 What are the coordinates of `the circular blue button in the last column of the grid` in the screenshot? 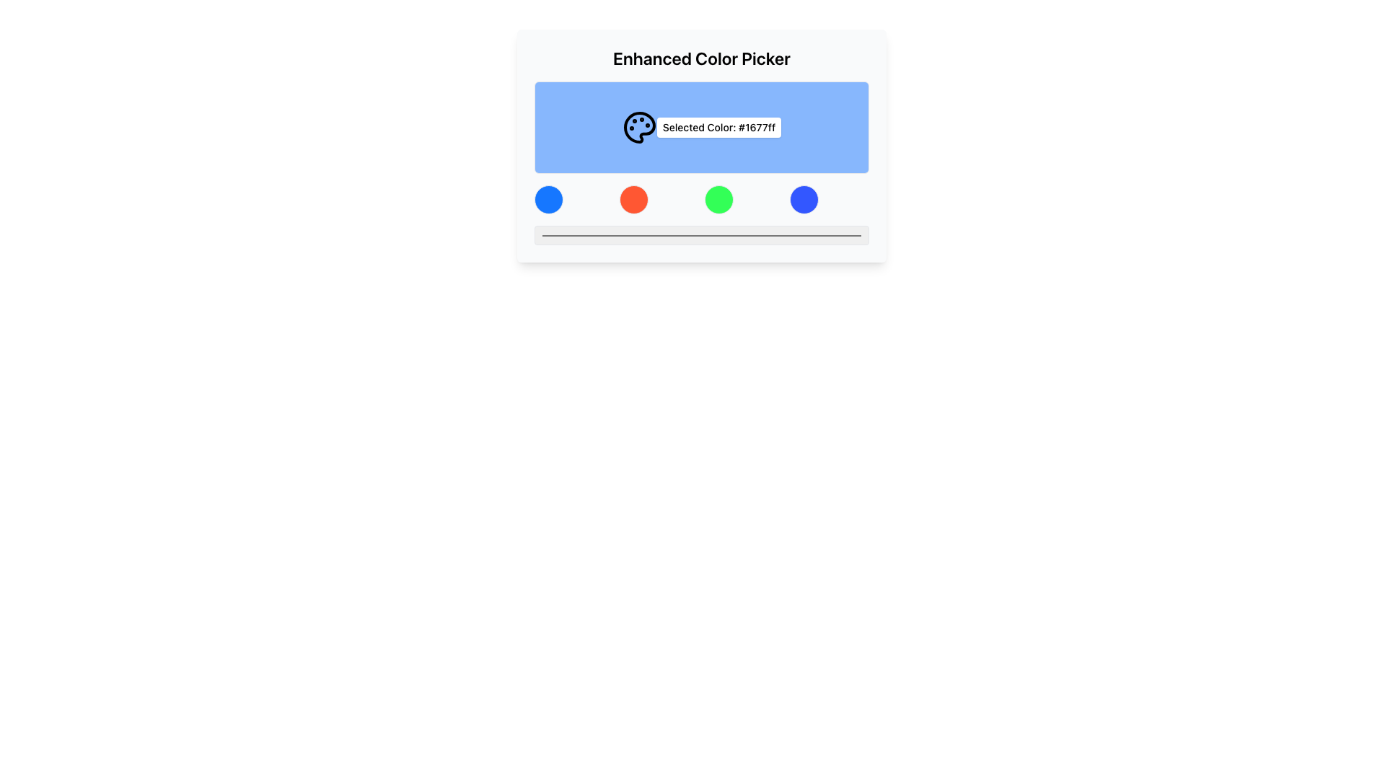 It's located at (803, 200).